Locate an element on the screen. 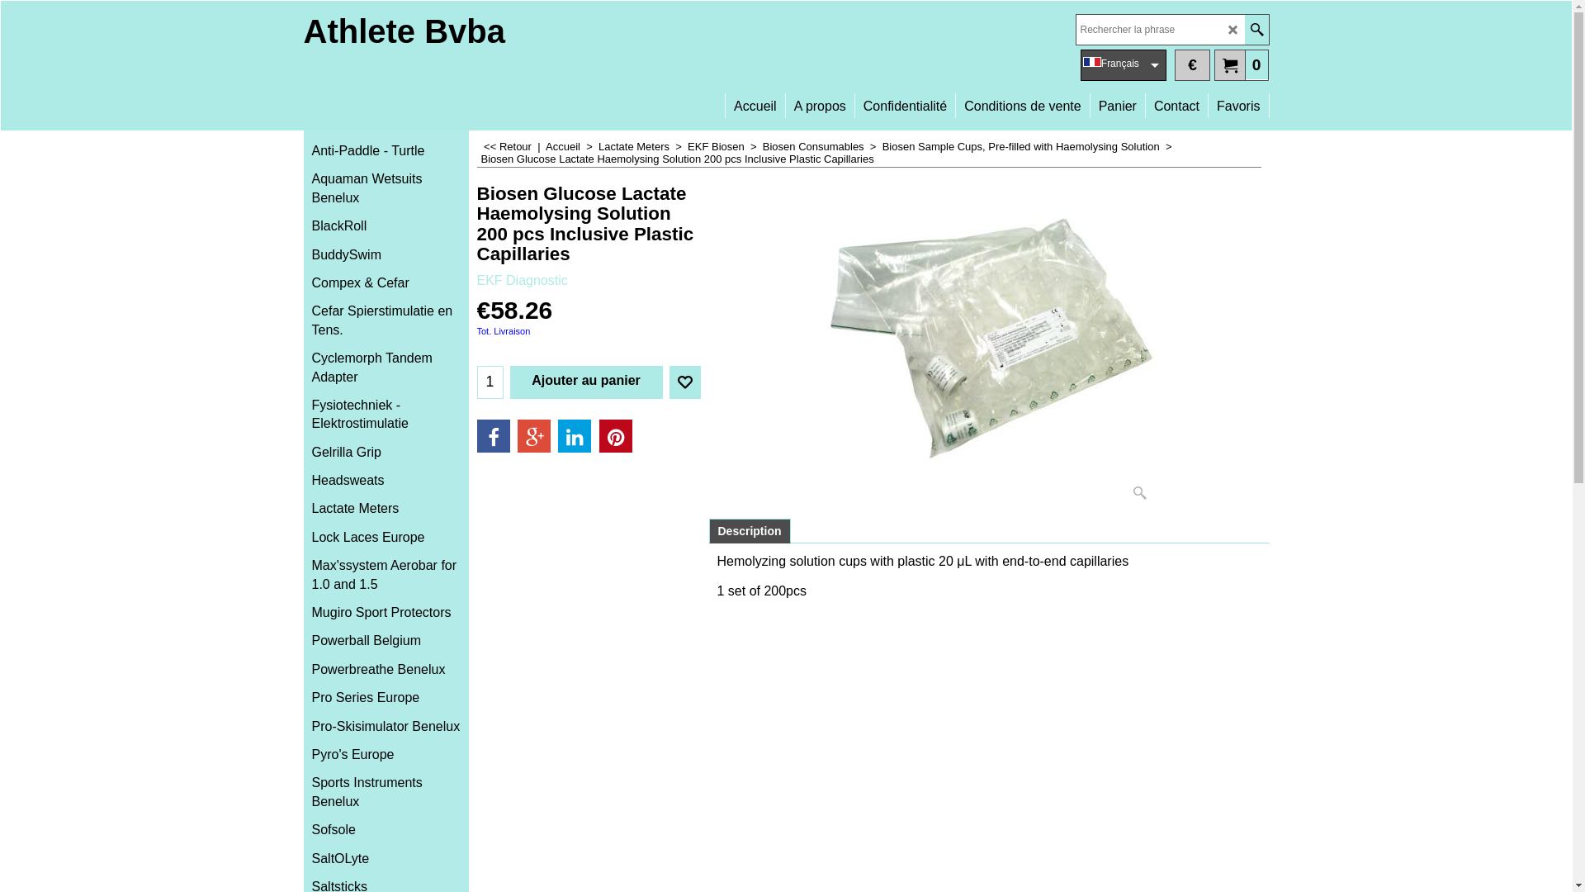 This screenshot has width=1585, height=892. ' << Retour ' is located at coordinates (506, 145).